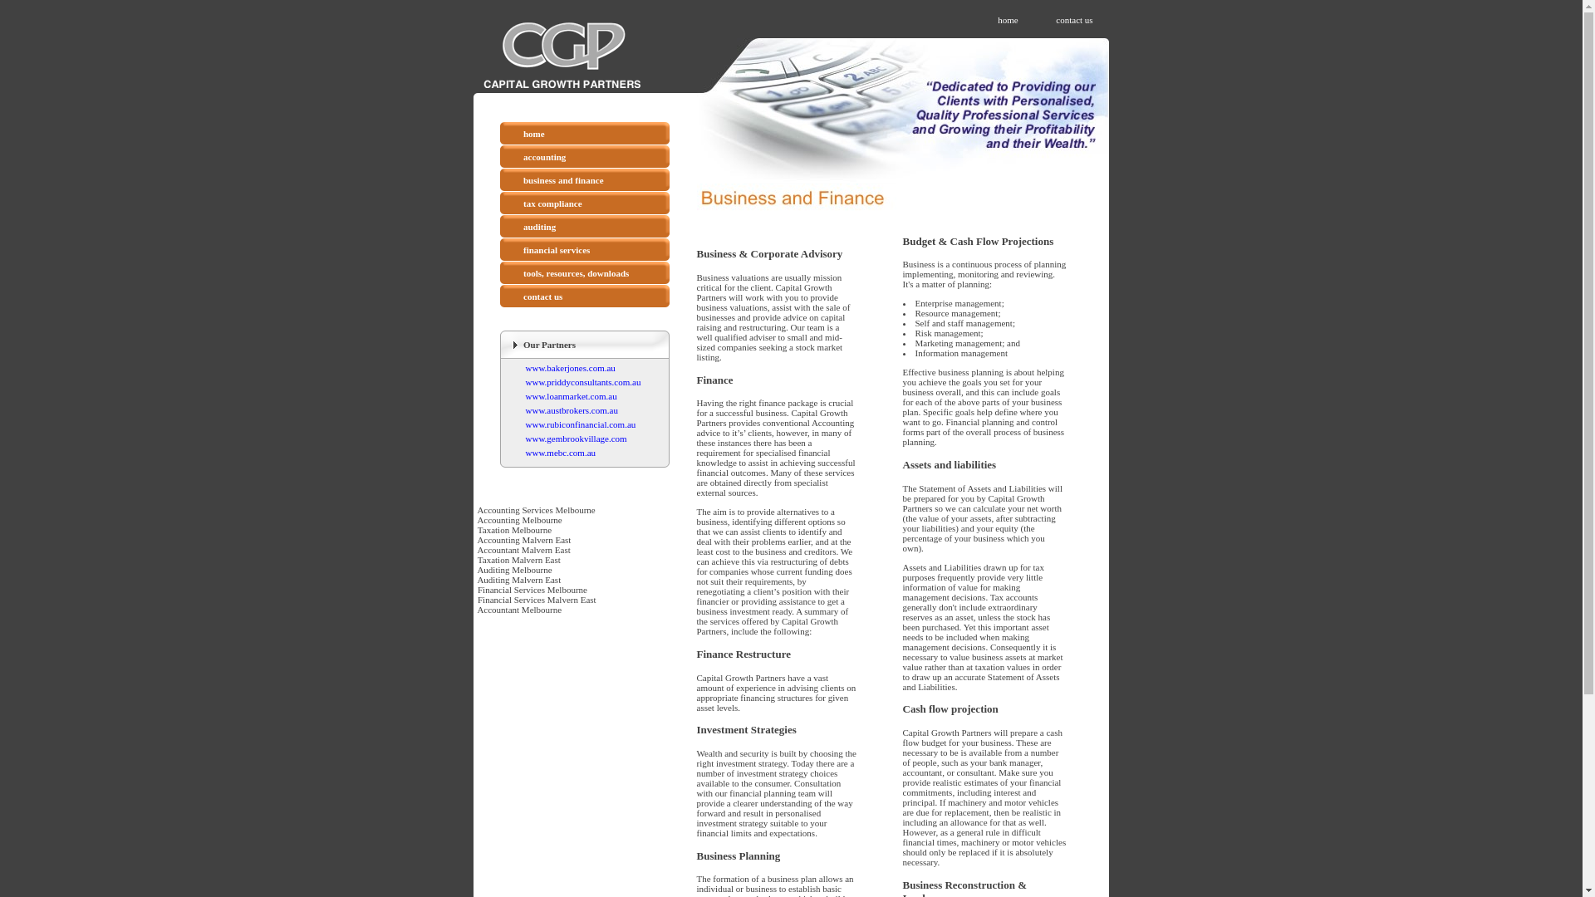 This screenshot has width=1595, height=897. Describe the element at coordinates (571, 409) in the screenshot. I see `'www.austbrokers.com.au'` at that location.